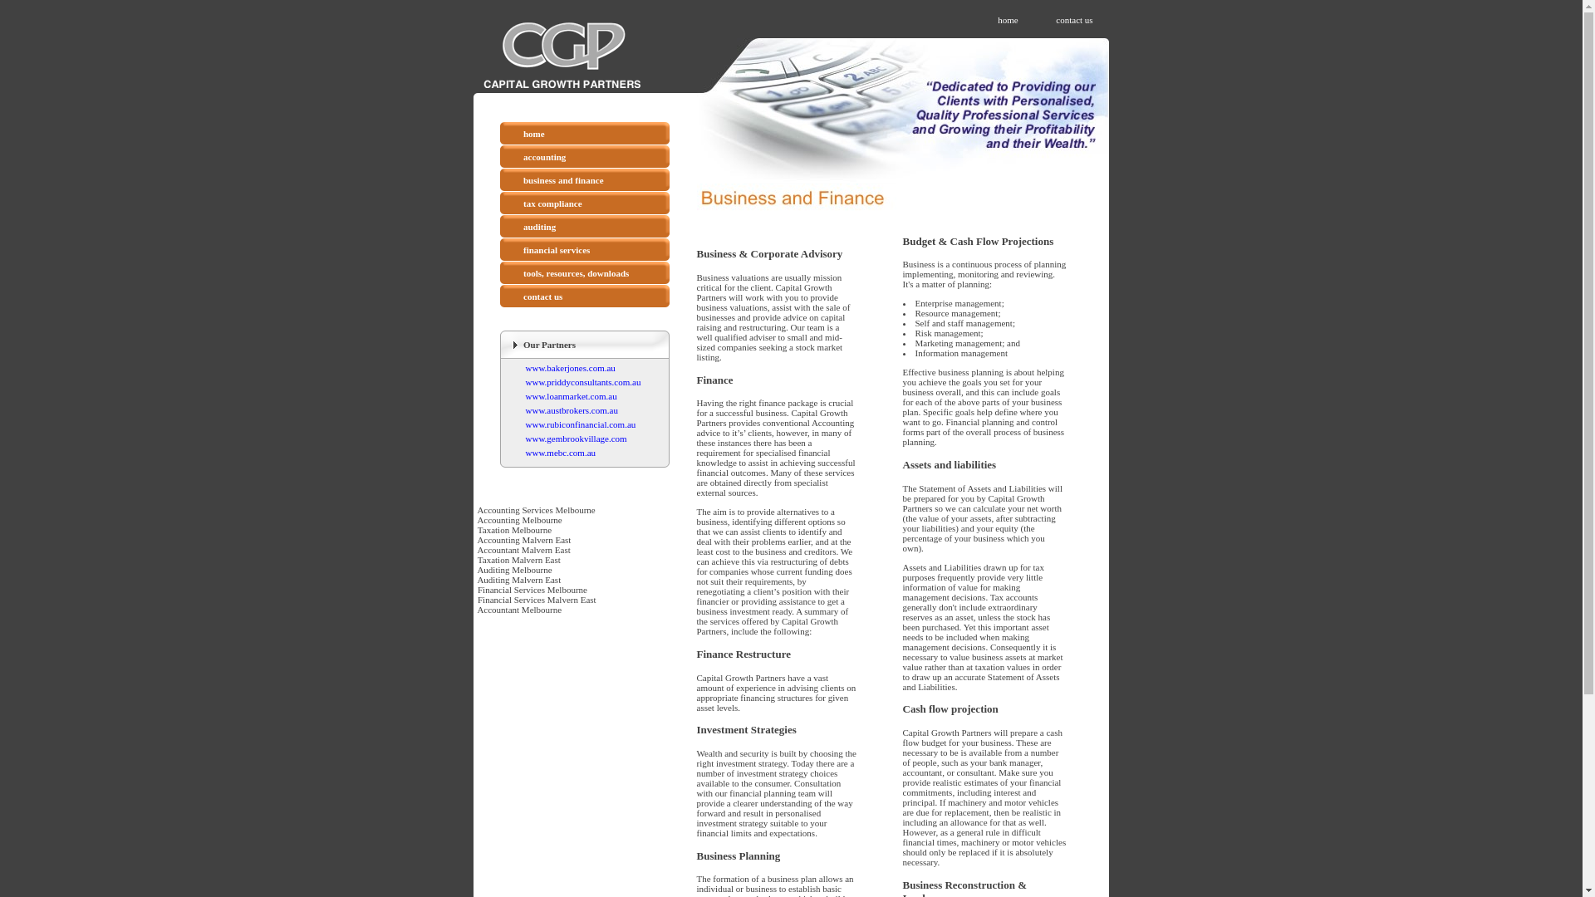 This screenshot has width=1595, height=897. Describe the element at coordinates (571, 409) in the screenshot. I see `'www.austbrokers.com.au'` at that location.